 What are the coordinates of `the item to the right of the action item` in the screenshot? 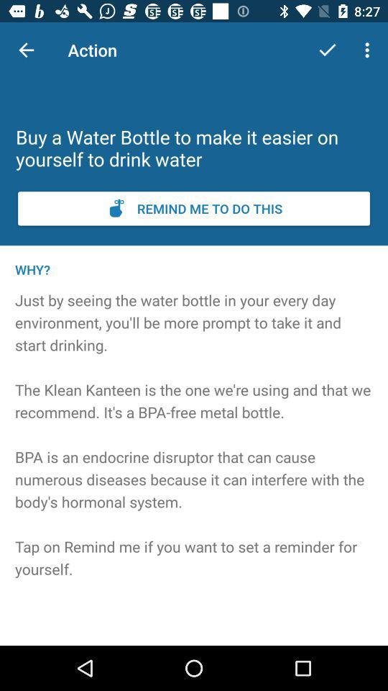 It's located at (327, 50).